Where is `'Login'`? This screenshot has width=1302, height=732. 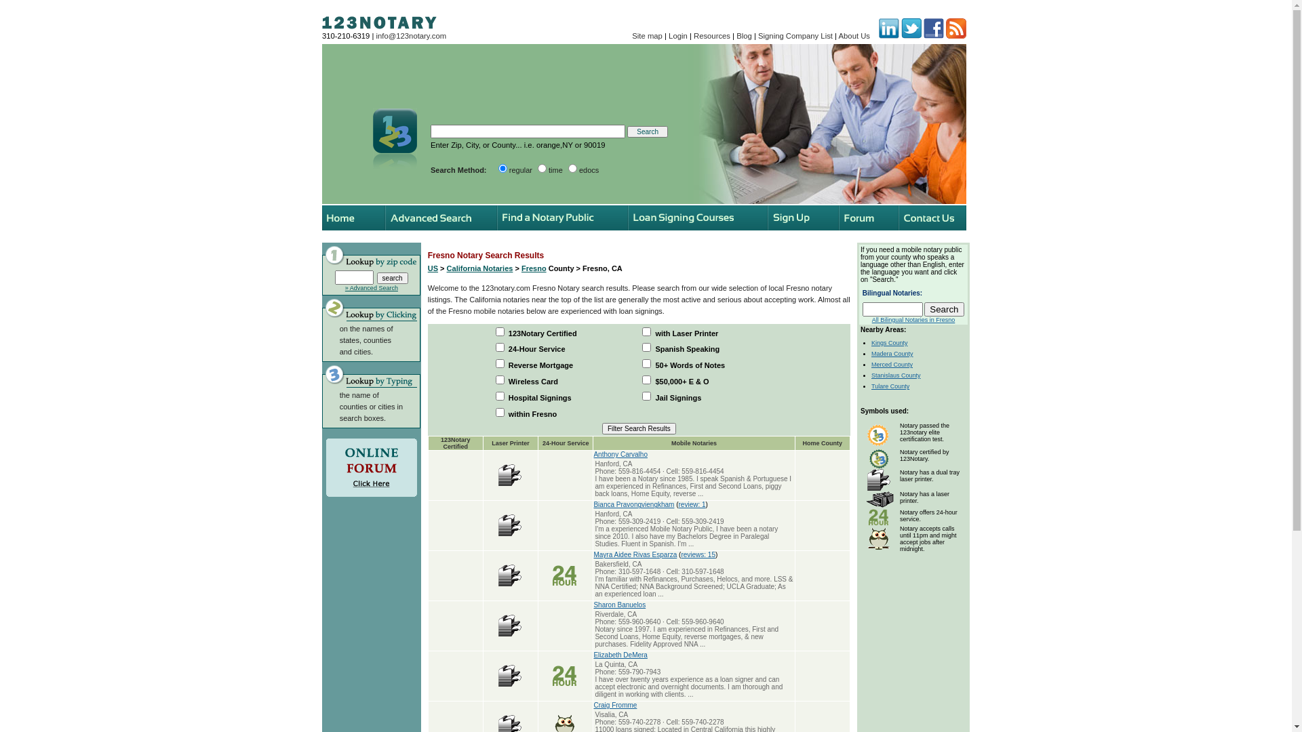 'Login' is located at coordinates (677, 35).